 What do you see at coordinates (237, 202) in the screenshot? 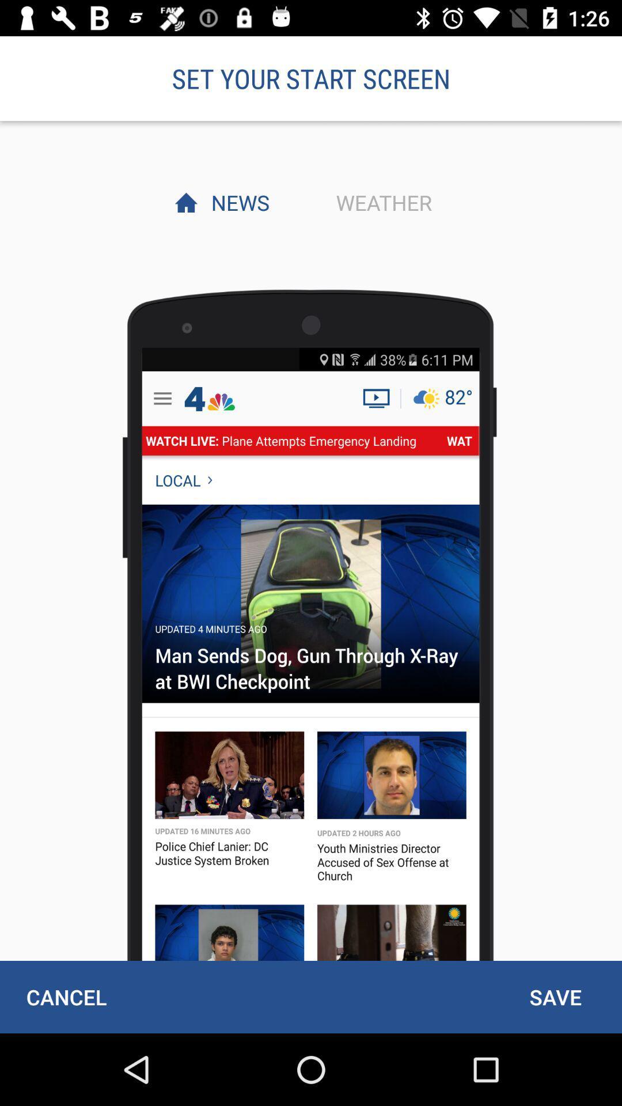
I see `item next to the weather item` at bounding box center [237, 202].